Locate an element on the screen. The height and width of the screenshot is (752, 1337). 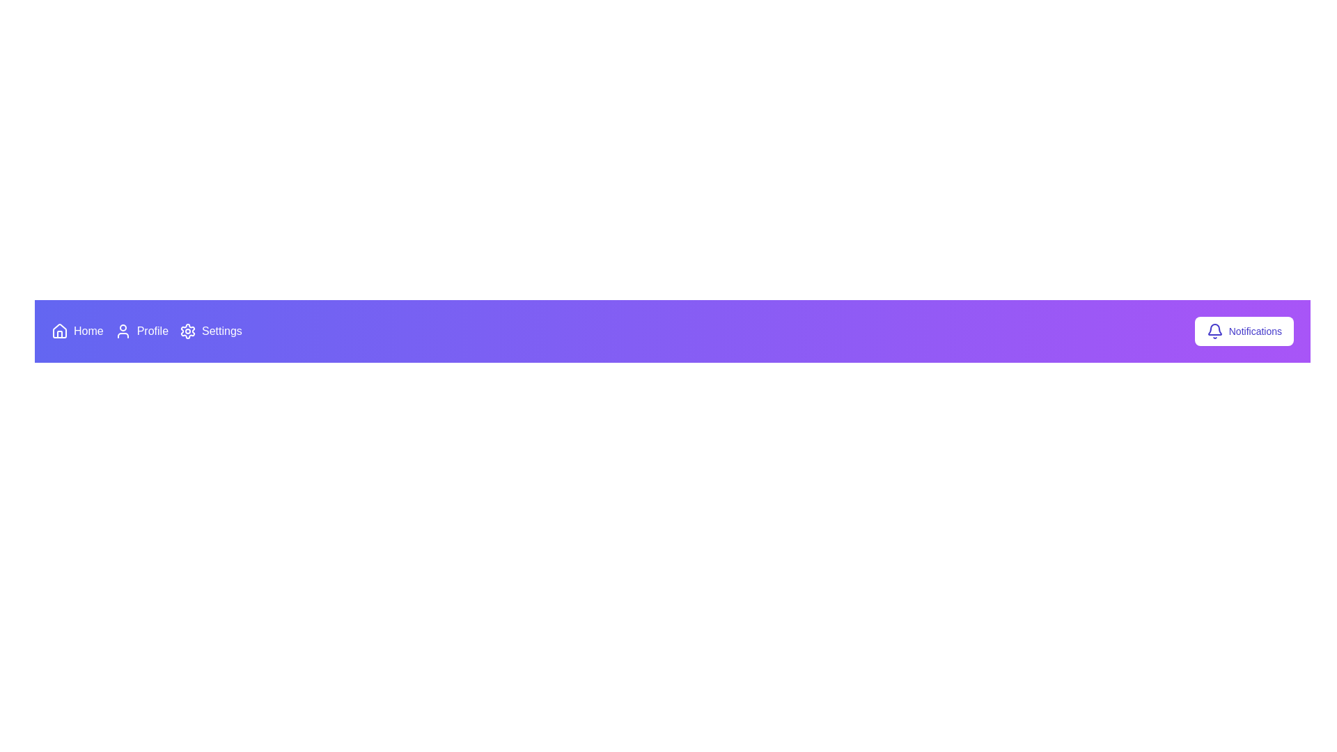
the notification icon located at the top-right corner of the interface, positioned directly to the left of the 'Notifications' label is located at coordinates (1214, 331).